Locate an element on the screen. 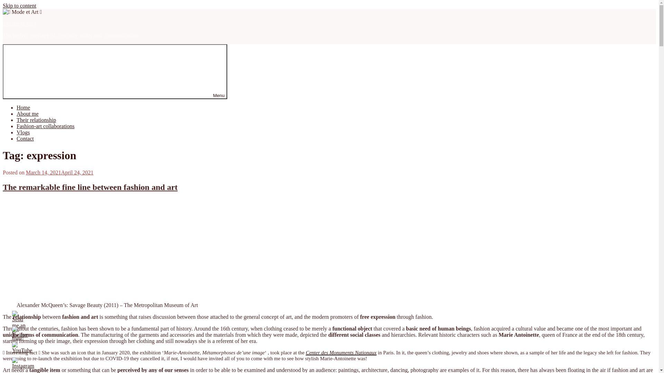  'Home' is located at coordinates (23, 107).